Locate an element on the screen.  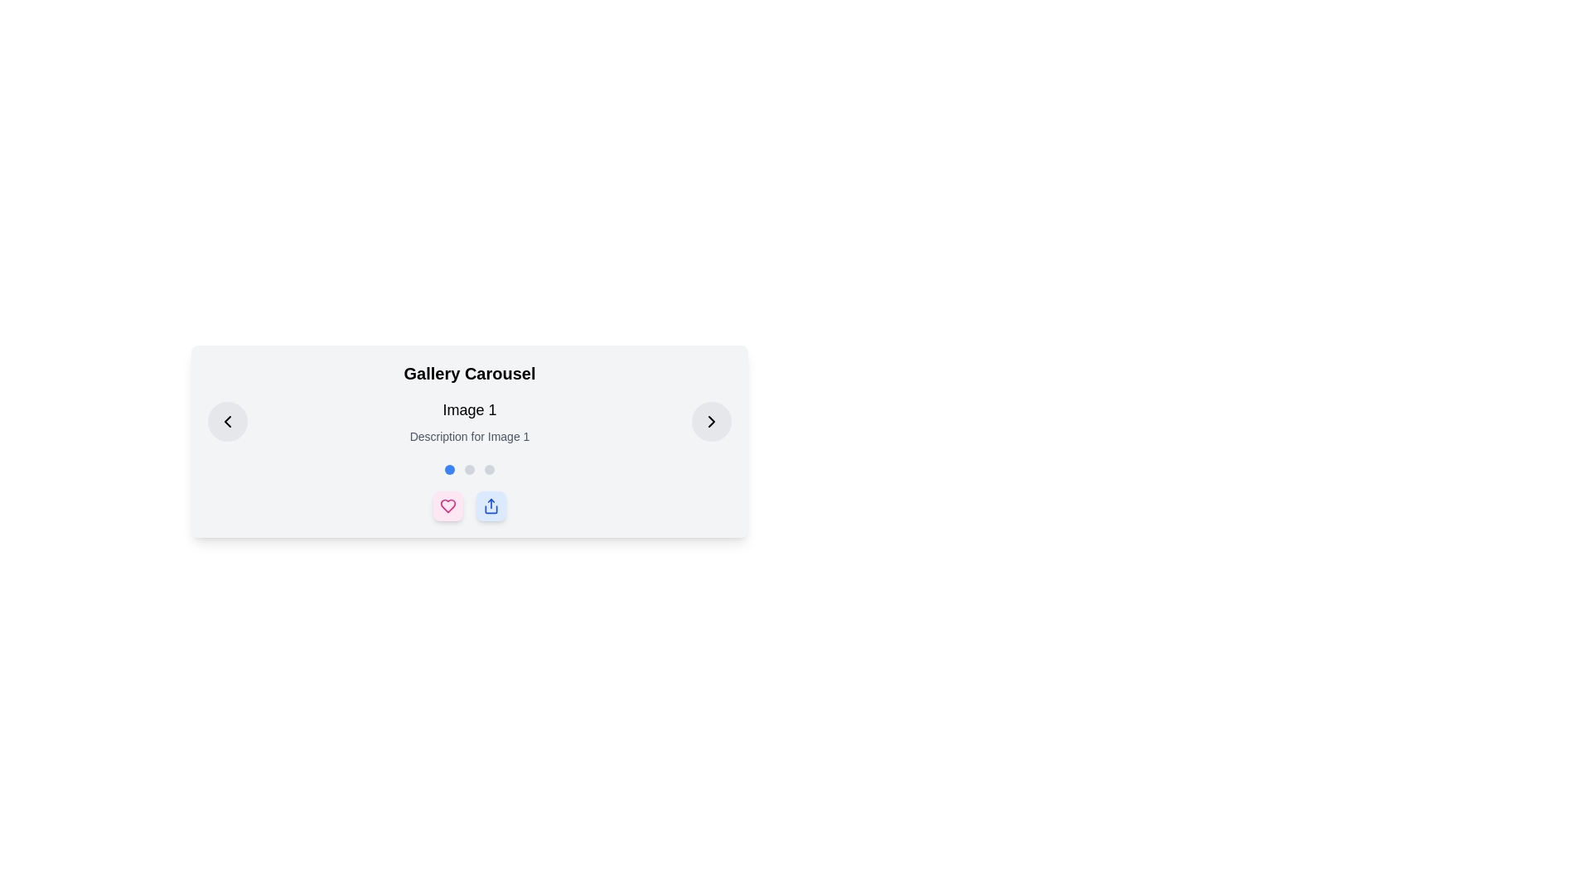
the title text element at the top center of the carousel section, which serves as a heading for the content below is located at coordinates (468, 374).